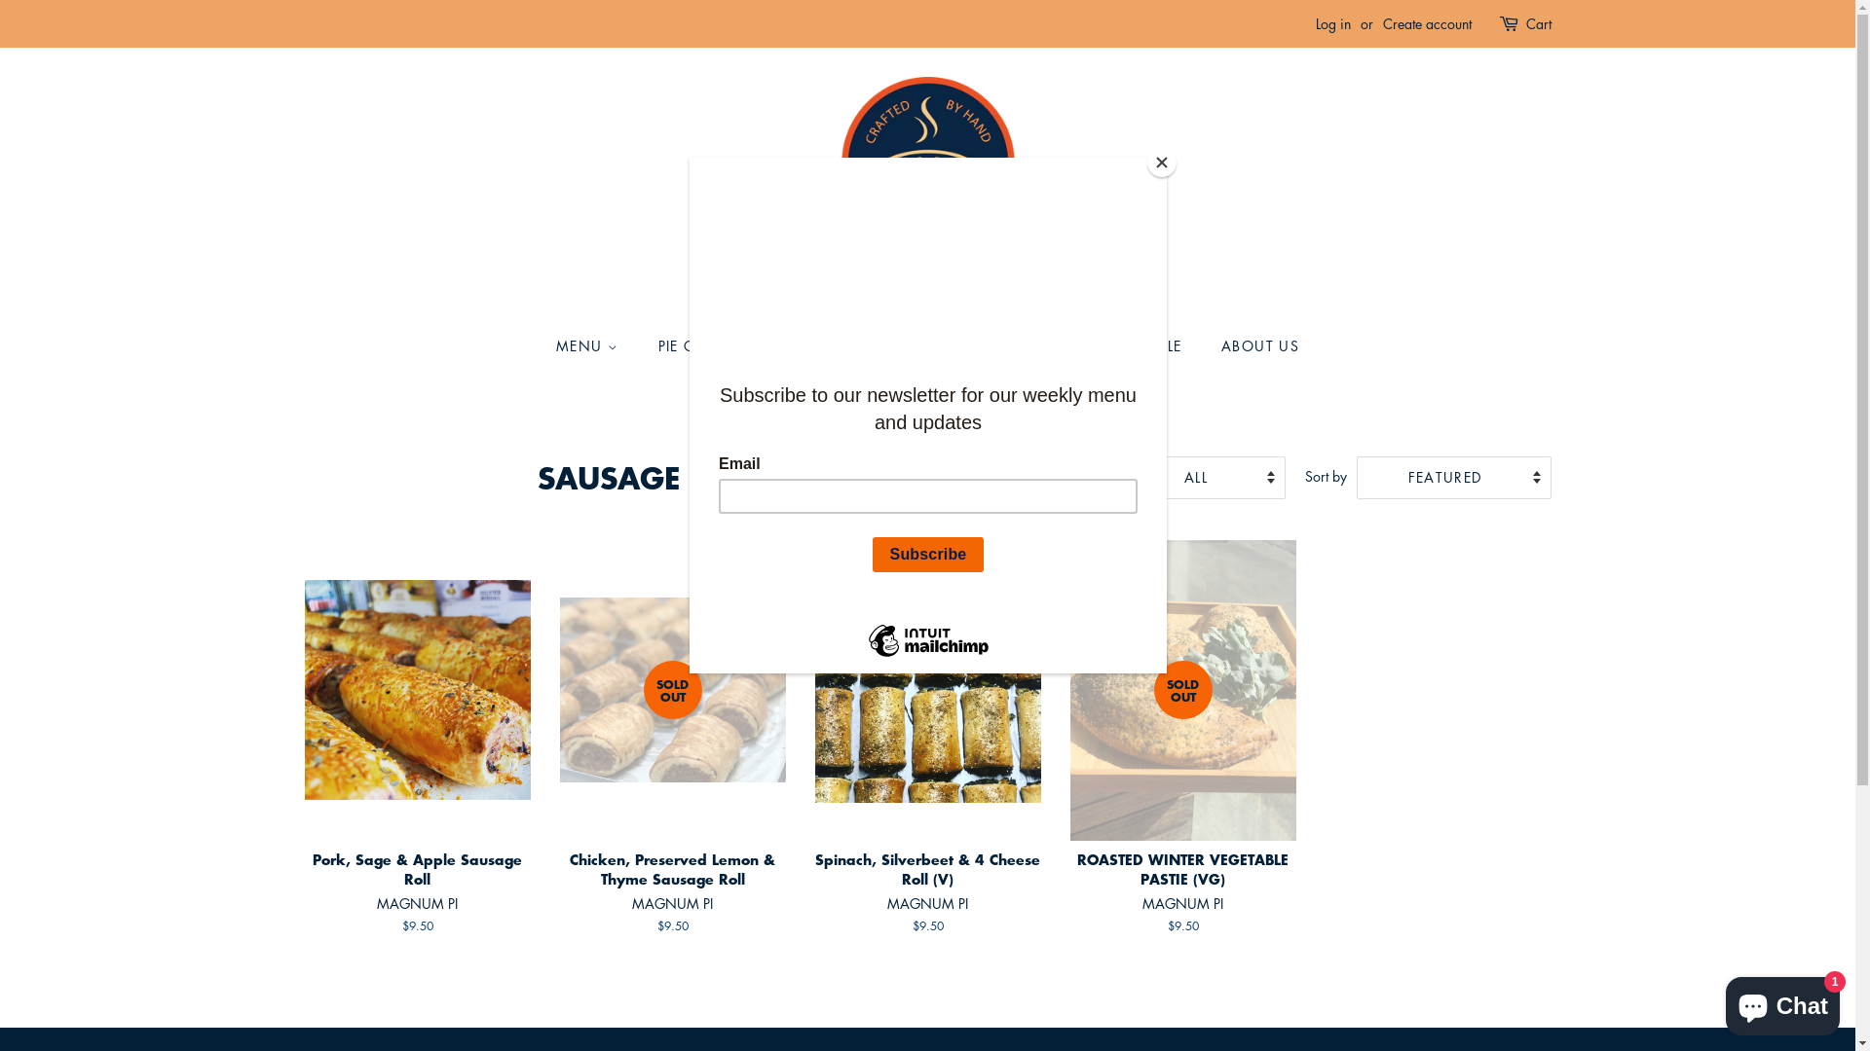  What do you see at coordinates (801, 344) in the screenshot?
I see `'PIE GUIDE & HEATING INSTRUCTIONS'` at bounding box center [801, 344].